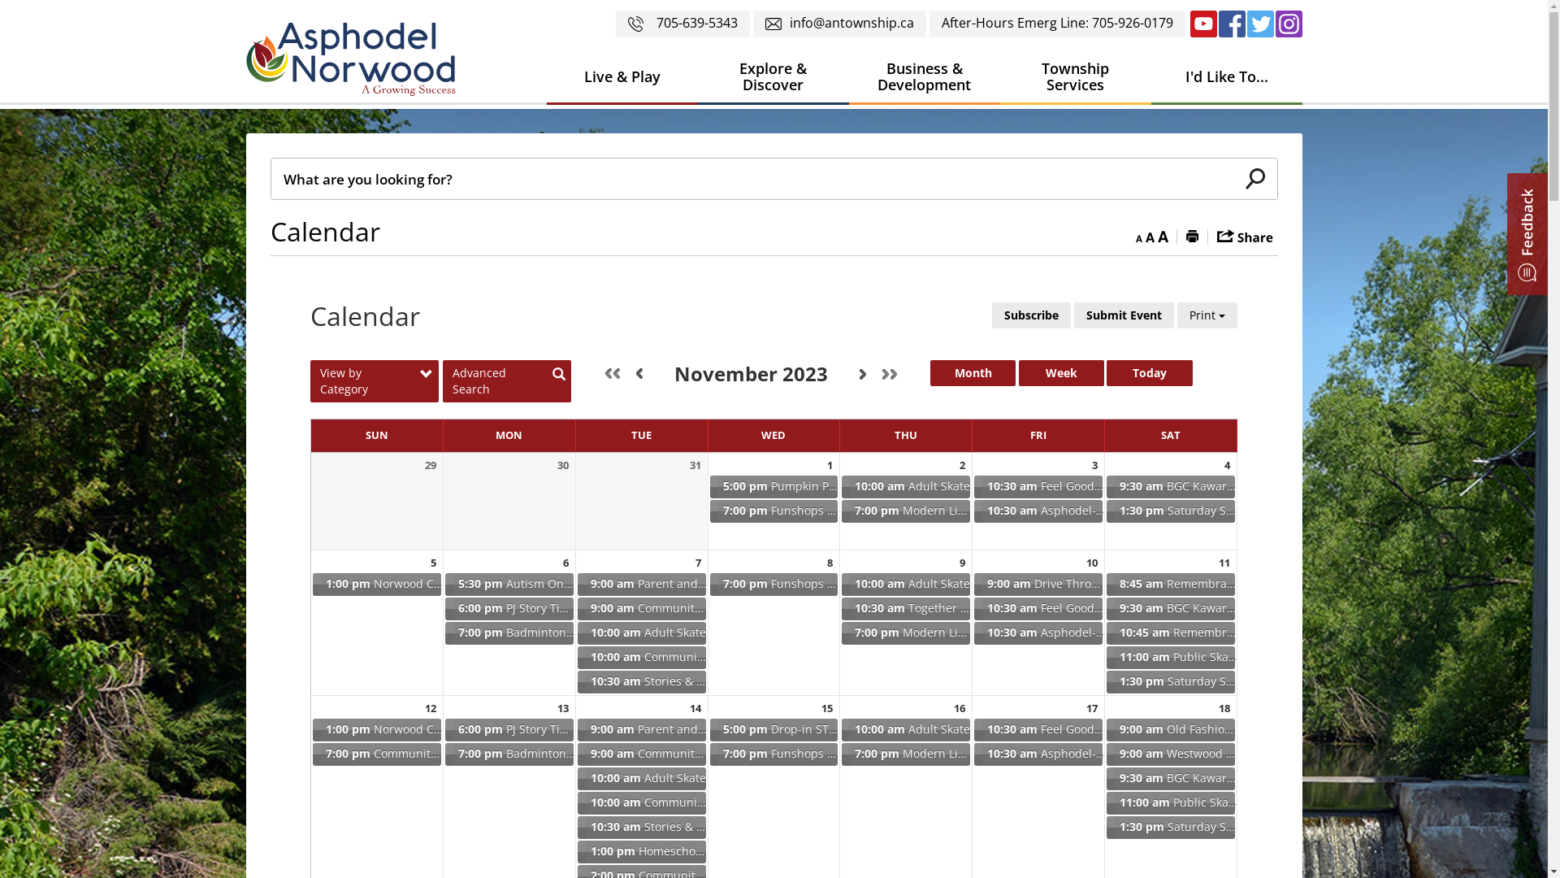  What do you see at coordinates (998, 77) in the screenshot?
I see `'Township Services'` at bounding box center [998, 77].